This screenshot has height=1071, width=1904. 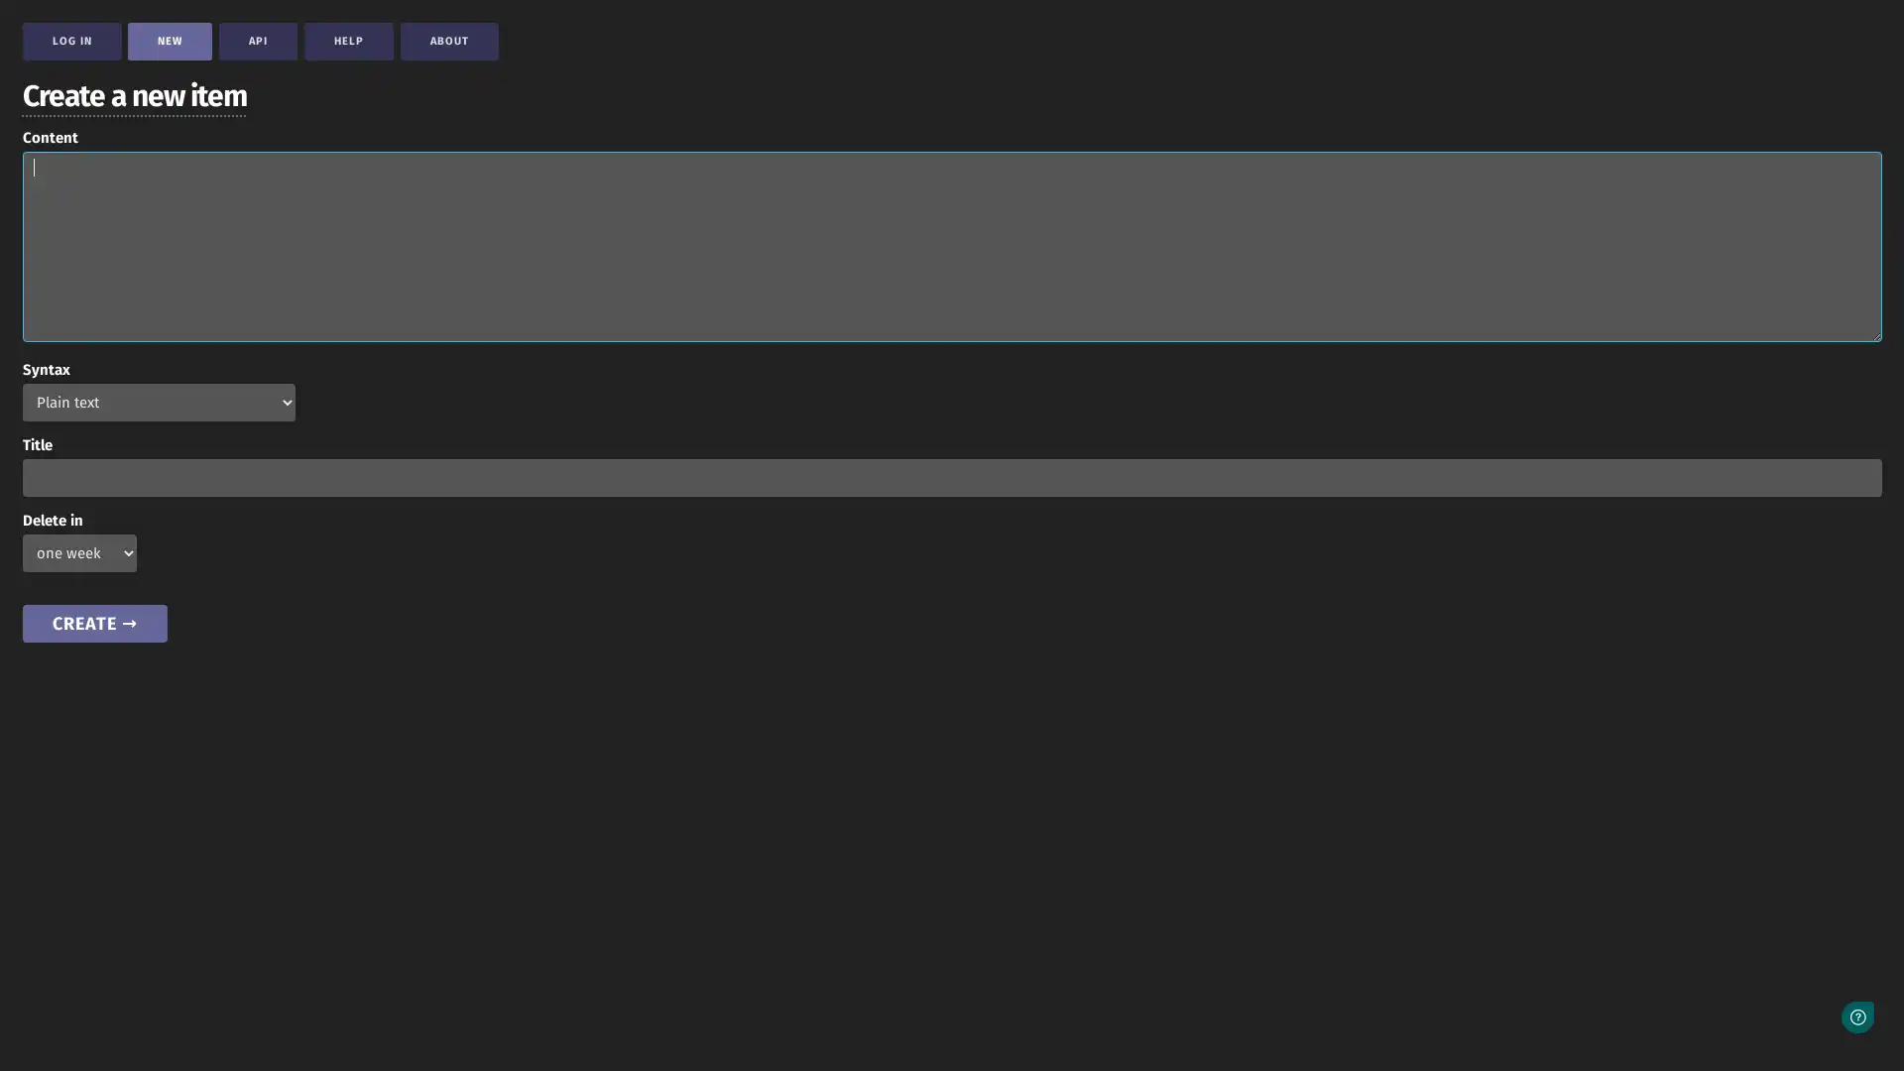 I want to click on Create, so click(x=93, y=622).